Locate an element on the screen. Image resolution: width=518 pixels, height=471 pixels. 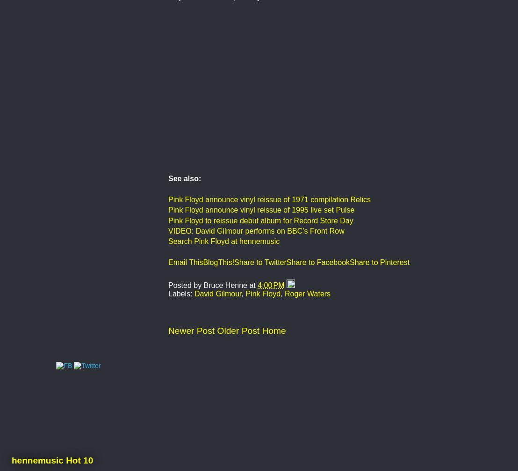
'See also:' is located at coordinates (185, 178).